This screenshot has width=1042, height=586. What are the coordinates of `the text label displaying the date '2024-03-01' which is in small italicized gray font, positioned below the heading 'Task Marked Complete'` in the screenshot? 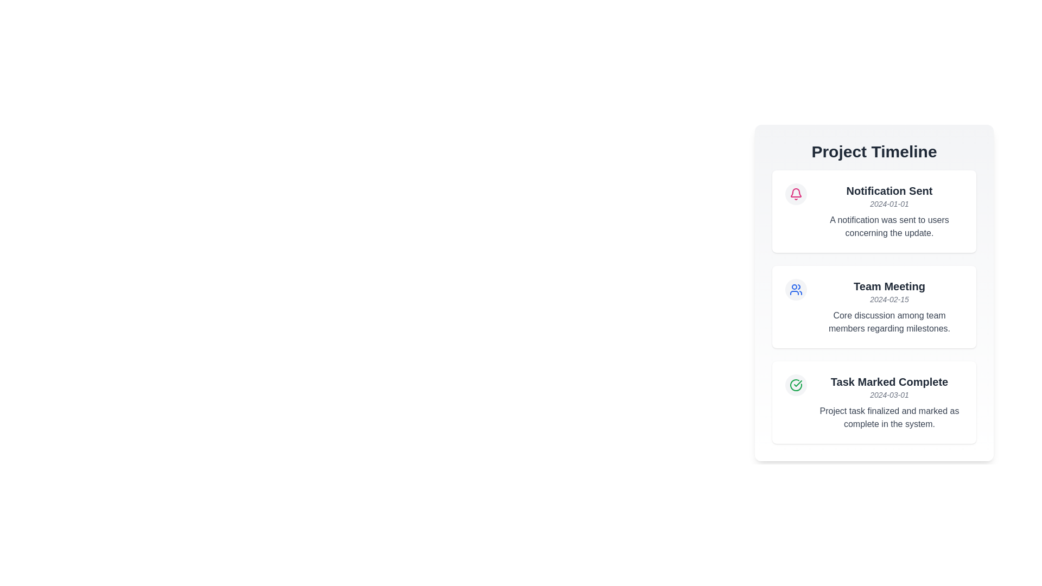 It's located at (889, 395).